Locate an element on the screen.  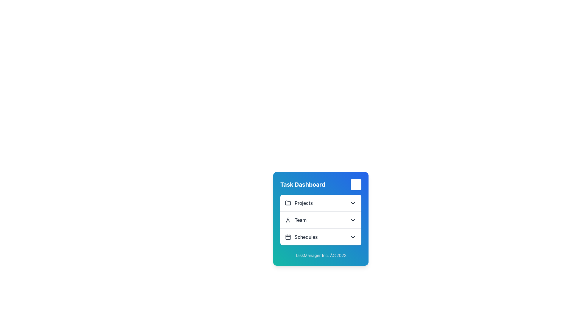
the downward-facing chevron icon button located to the far right of the 'Schedules' label is located at coordinates (353, 236).